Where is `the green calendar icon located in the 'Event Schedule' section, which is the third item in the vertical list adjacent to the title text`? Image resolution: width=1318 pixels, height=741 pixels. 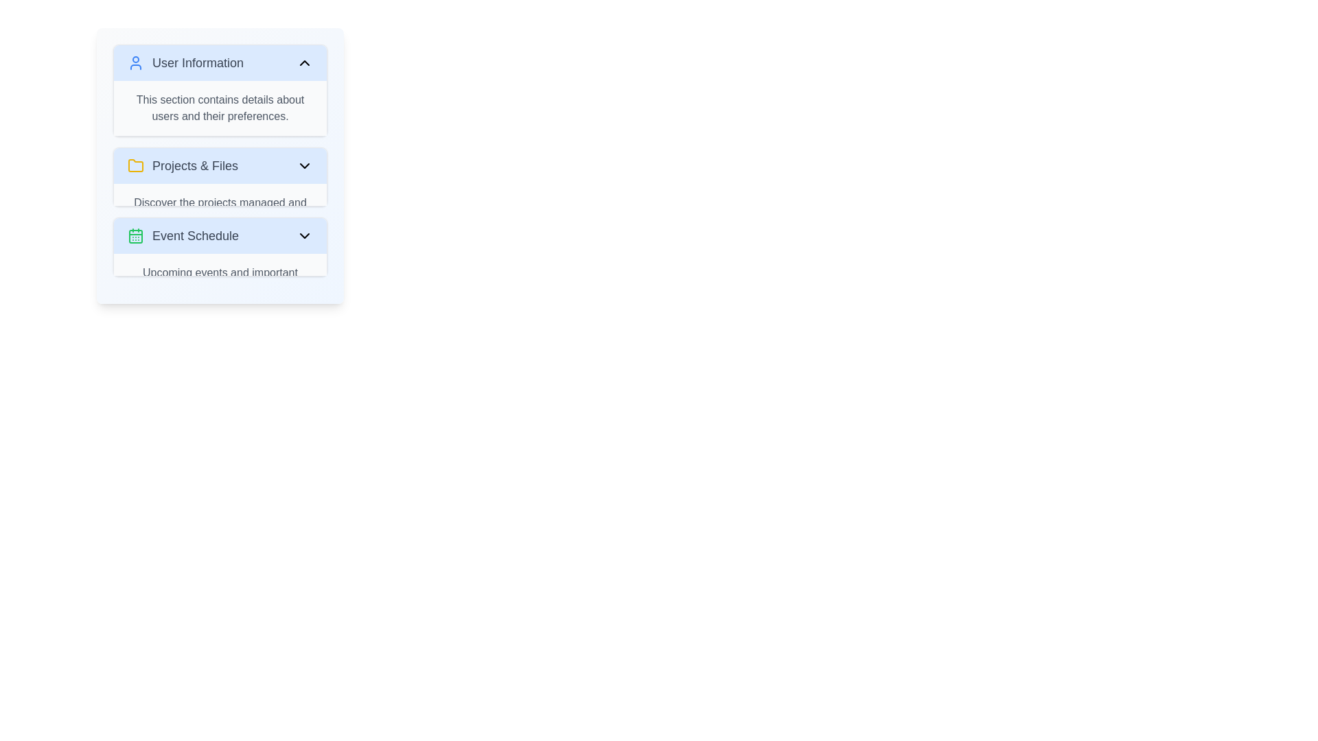
the green calendar icon located in the 'Event Schedule' section, which is the third item in the vertical list adjacent to the title text is located at coordinates (135, 235).